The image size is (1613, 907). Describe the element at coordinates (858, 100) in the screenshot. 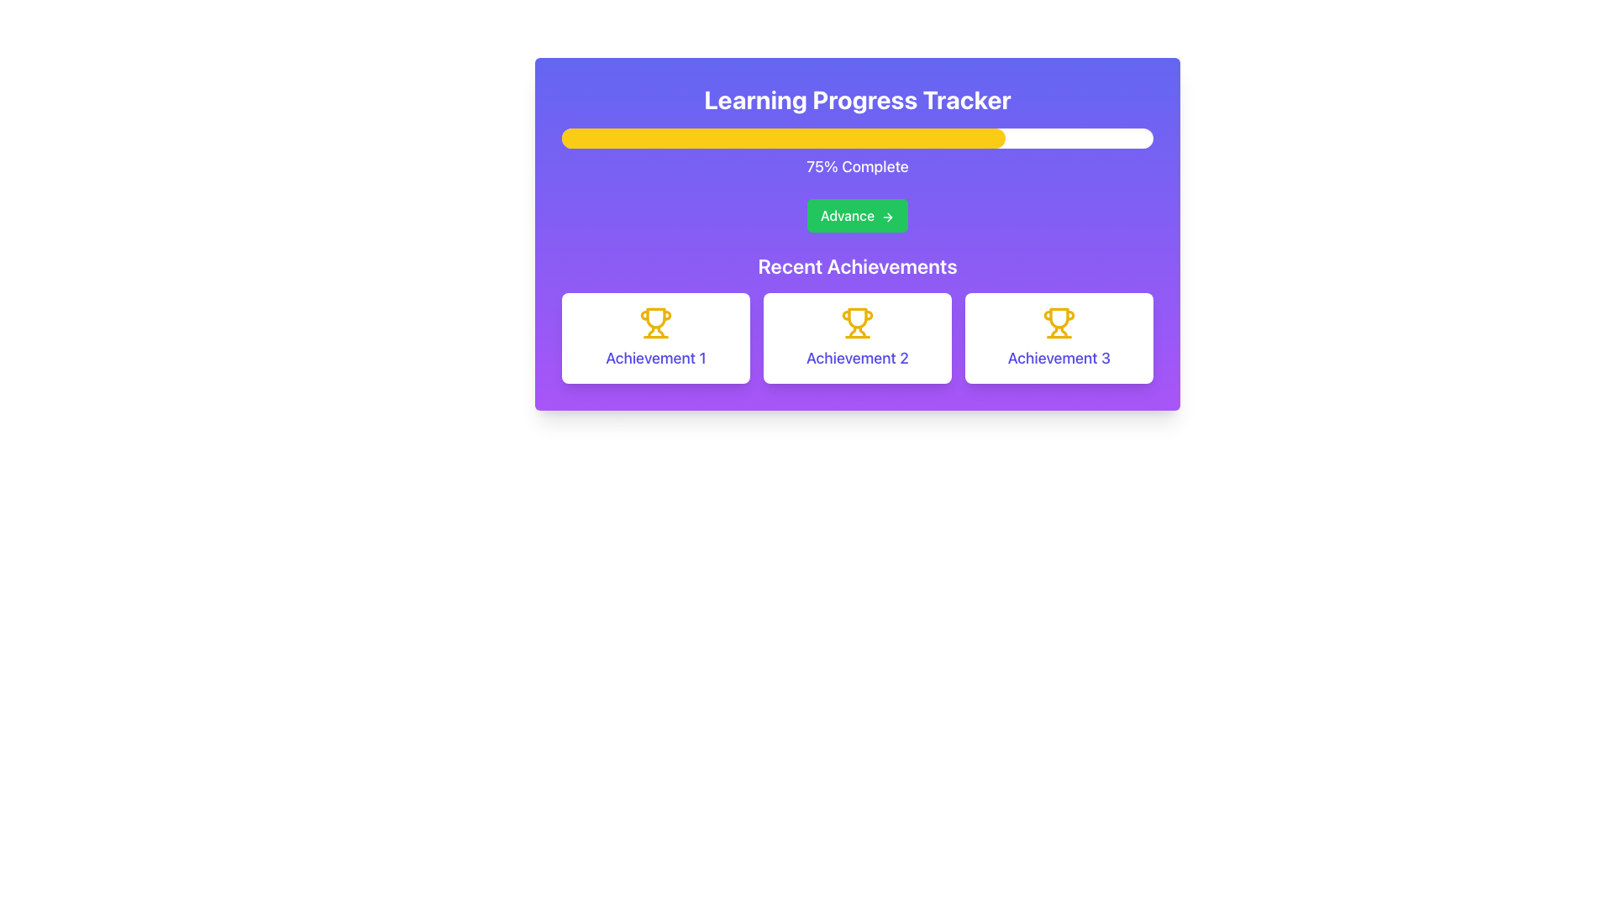

I see `the text header that reads 'Learning Progress Tracker', which is prominently styled in bold white typography against a vibrant purple gradient background` at that location.